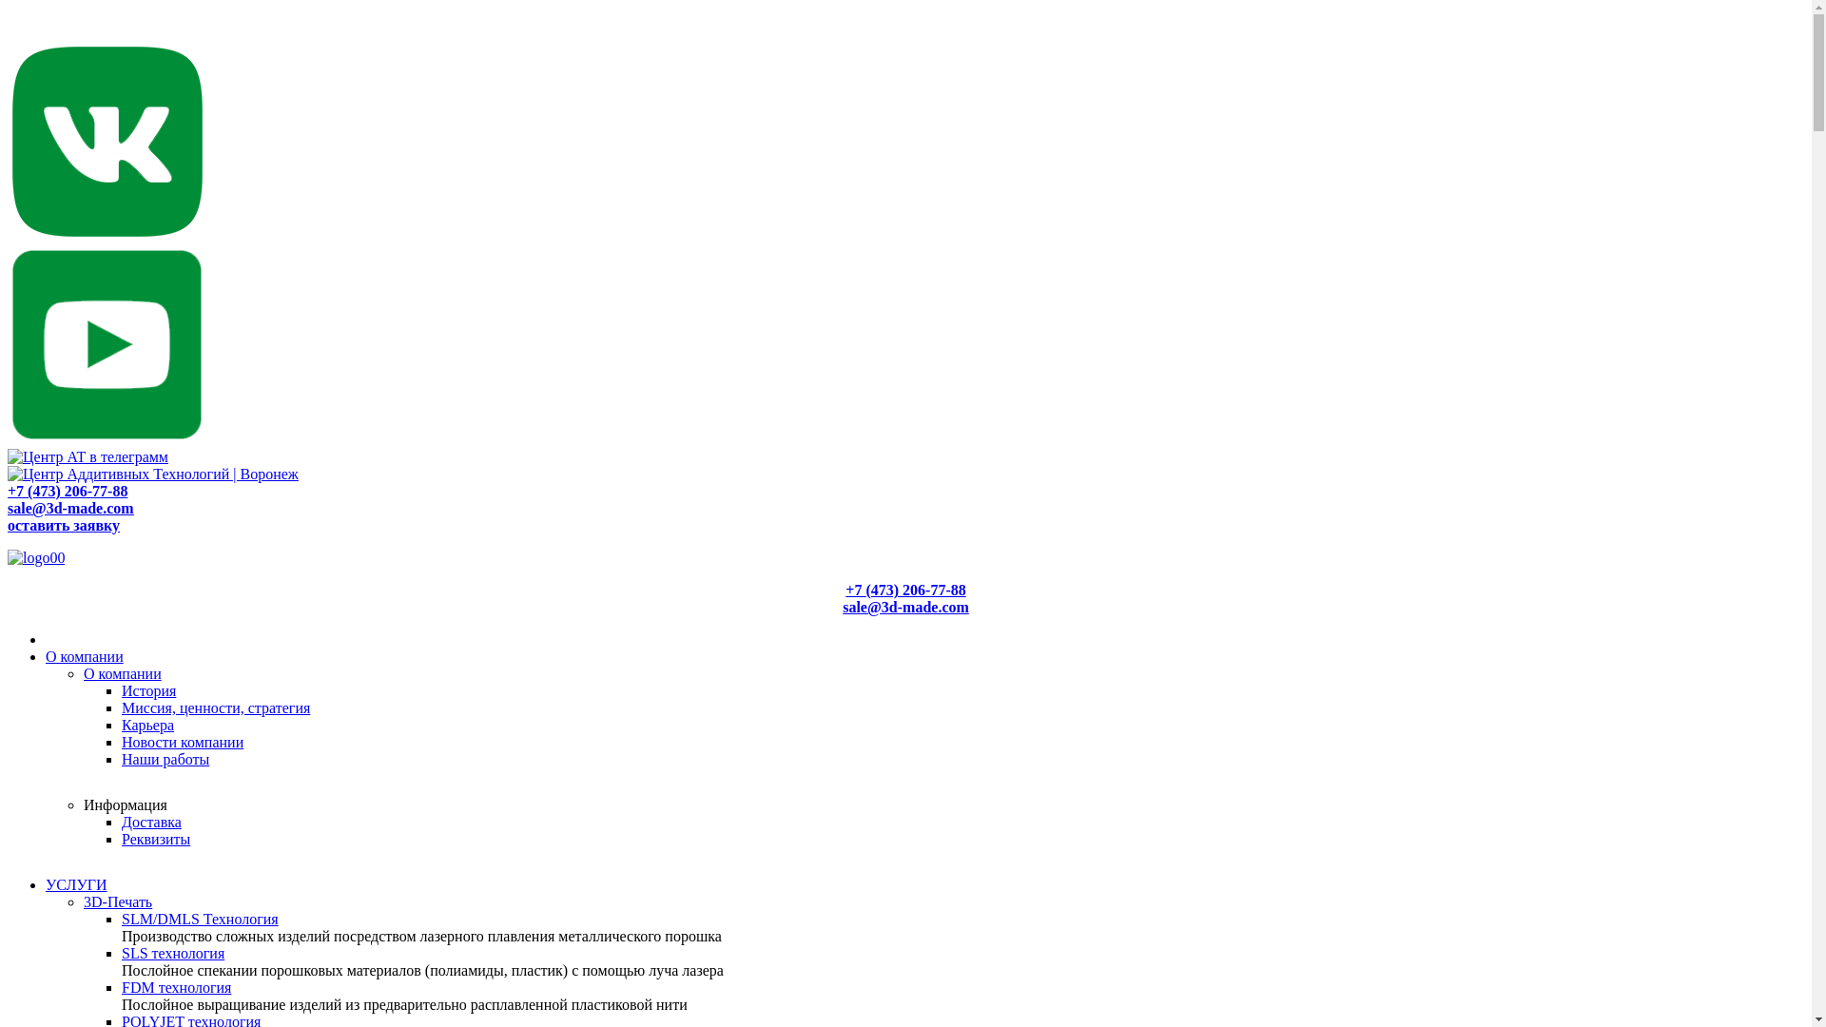 This screenshot has width=1826, height=1027. I want to click on 'sale@3d-made.com', so click(904, 607).